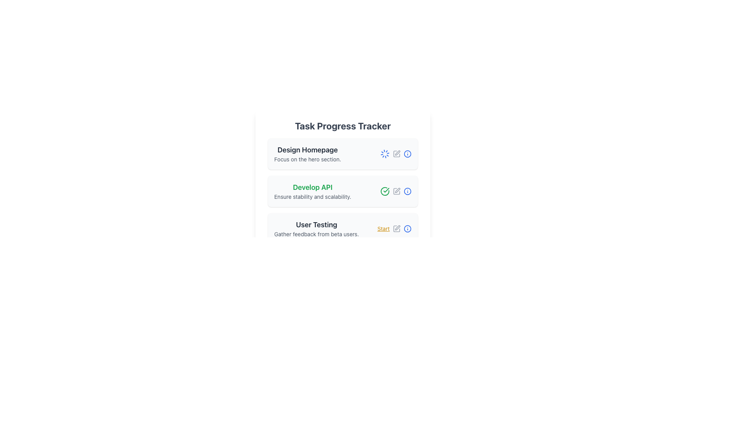 This screenshot has height=421, width=749. Describe the element at coordinates (383, 228) in the screenshot. I see `the 'Start' hyperlink in bold yellow font located in the 'User Testing' section of the 'Task Progress Tracker' interface` at that location.